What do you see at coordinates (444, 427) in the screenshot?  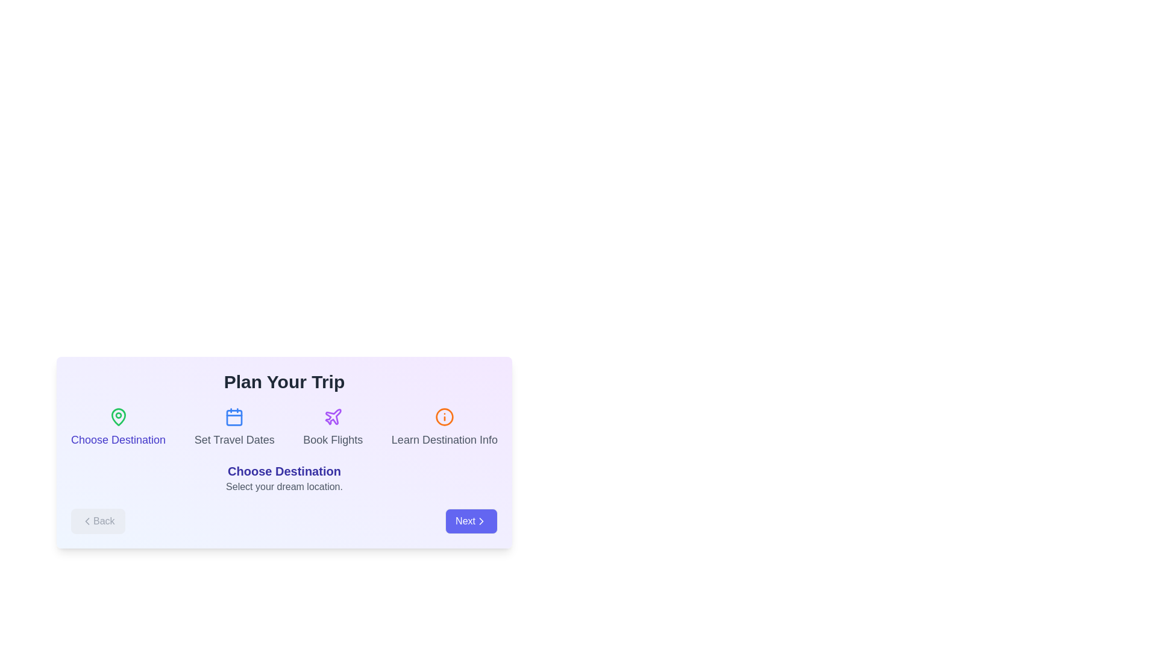 I see `text label associated with the informational icon located fourth in the horizontal sequence, positioned above the 'Next' button` at bounding box center [444, 427].